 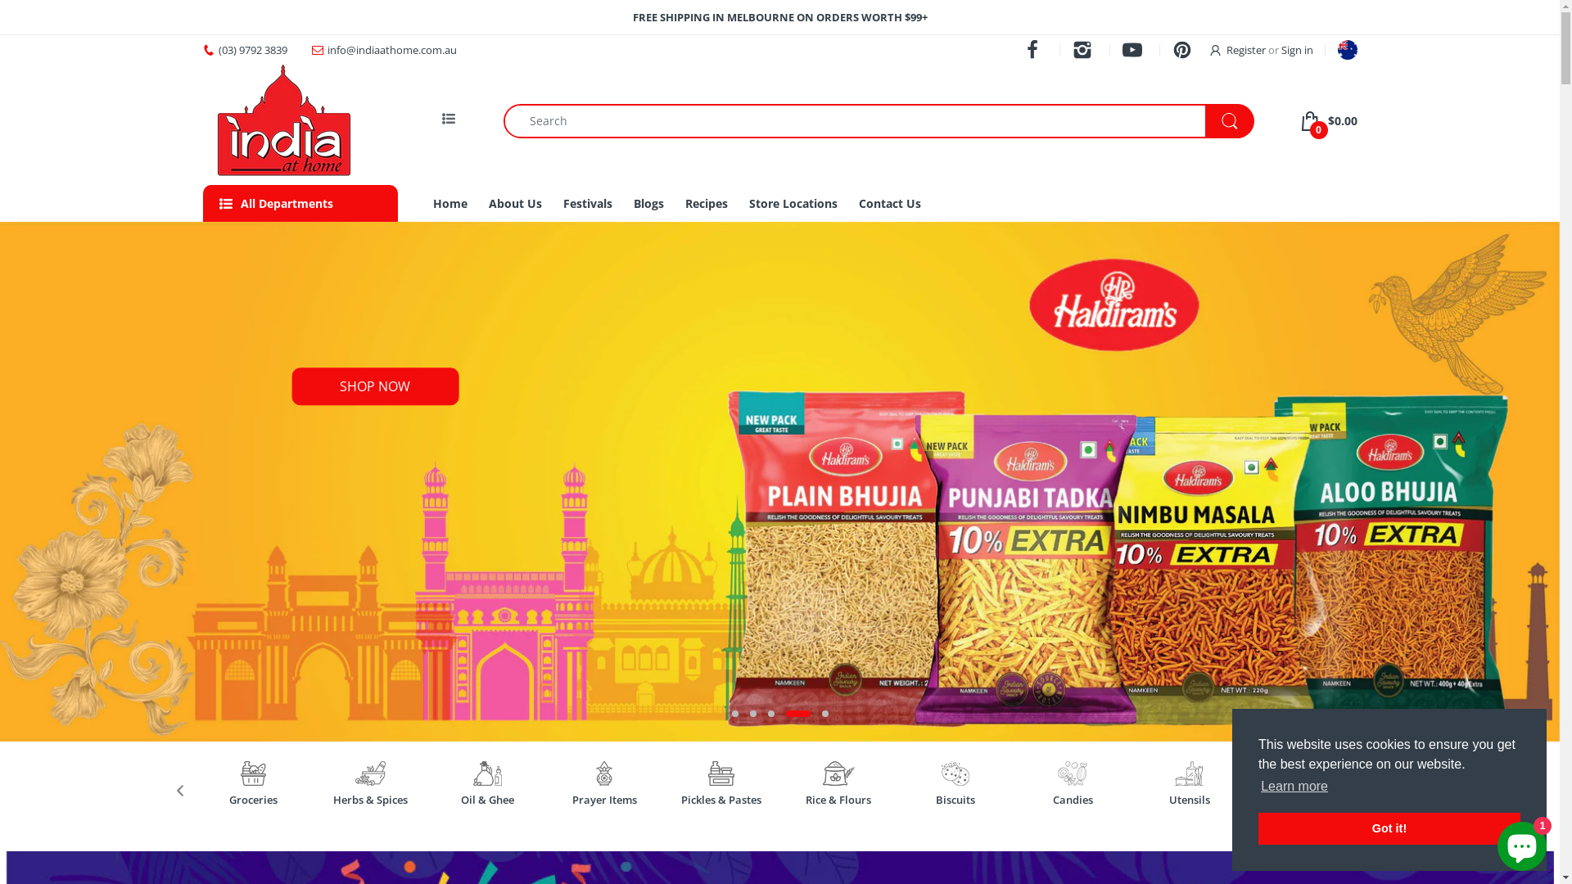 What do you see at coordinates (793, 202) in the screenshot?
I see `'Store Locations'` at bounding box center [793, 202].